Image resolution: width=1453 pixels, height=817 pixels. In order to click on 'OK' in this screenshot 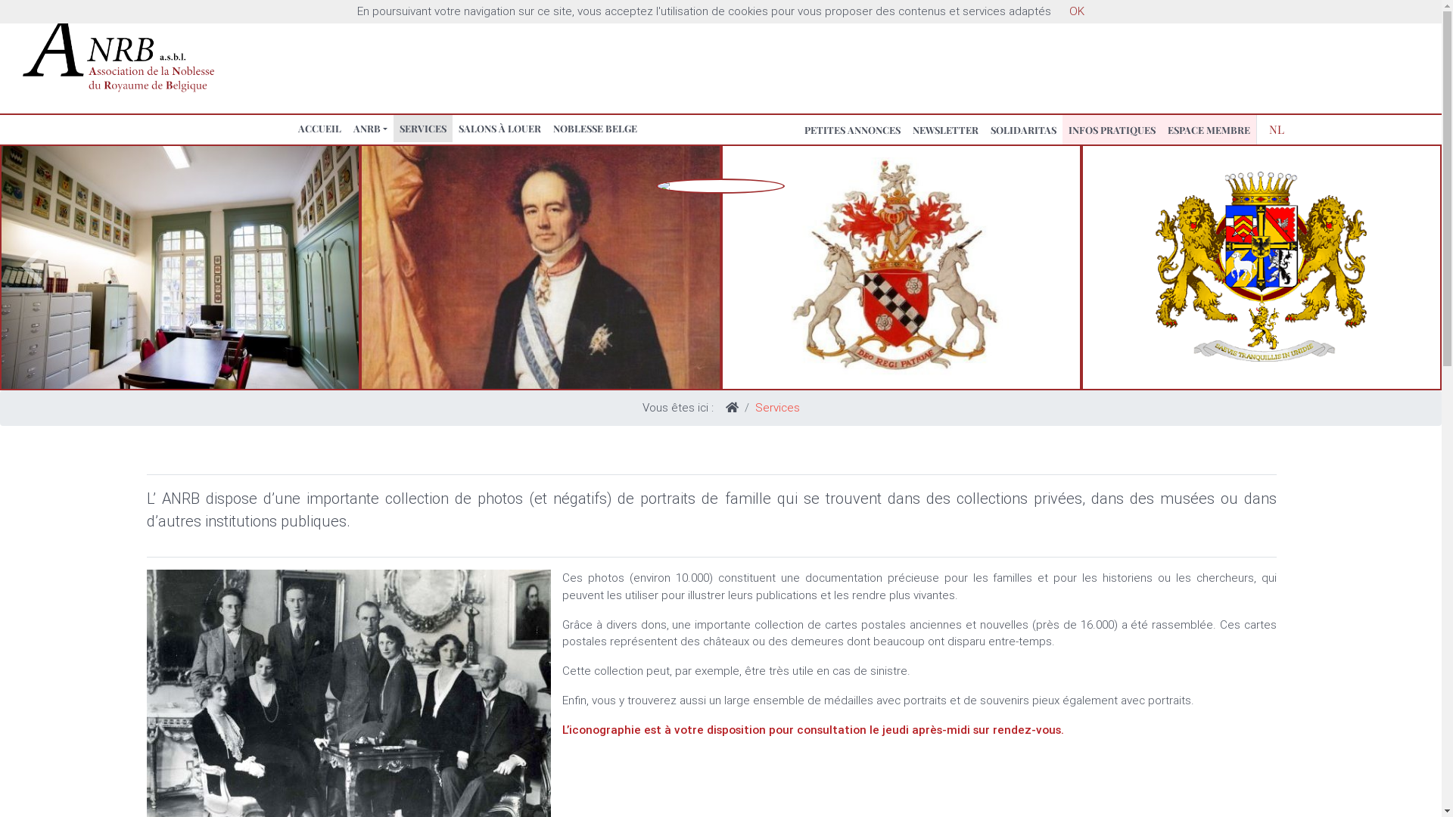, I will do `click(1075, 11)`.